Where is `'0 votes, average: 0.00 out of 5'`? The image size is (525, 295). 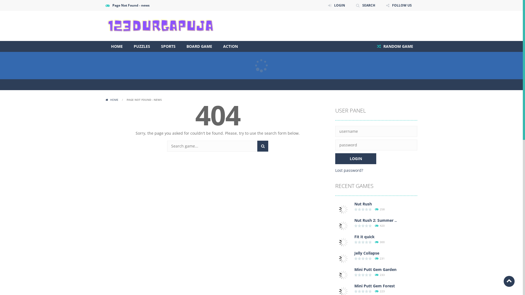 '0 votes, average: 0.00 out of 5' is located at coordinates (367, 291).